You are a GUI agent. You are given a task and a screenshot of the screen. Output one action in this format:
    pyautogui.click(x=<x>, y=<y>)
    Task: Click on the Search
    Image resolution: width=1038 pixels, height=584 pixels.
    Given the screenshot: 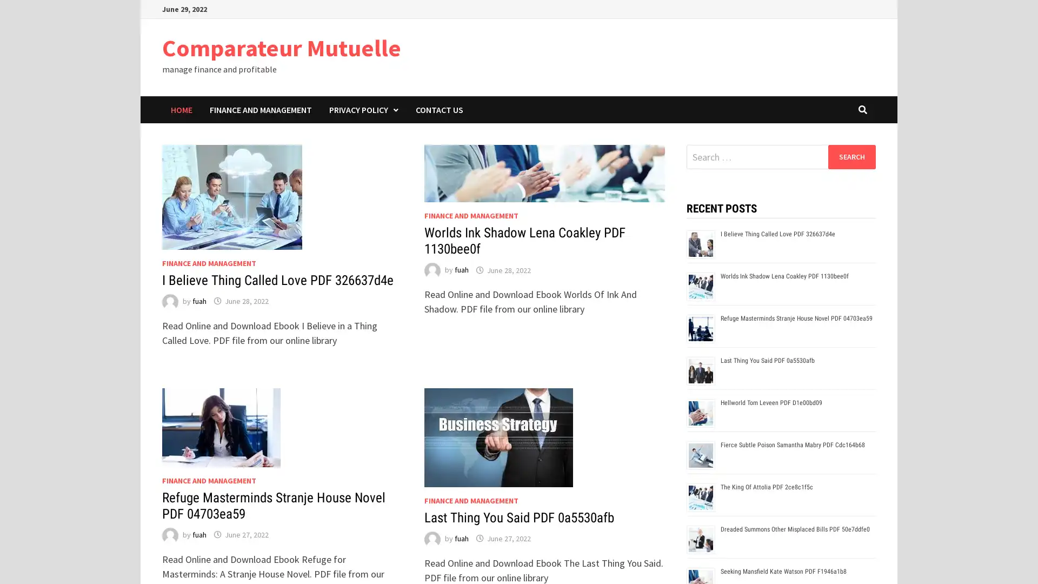 What is the action you would take?
    pyautogui.click(x=851, y=156)
    